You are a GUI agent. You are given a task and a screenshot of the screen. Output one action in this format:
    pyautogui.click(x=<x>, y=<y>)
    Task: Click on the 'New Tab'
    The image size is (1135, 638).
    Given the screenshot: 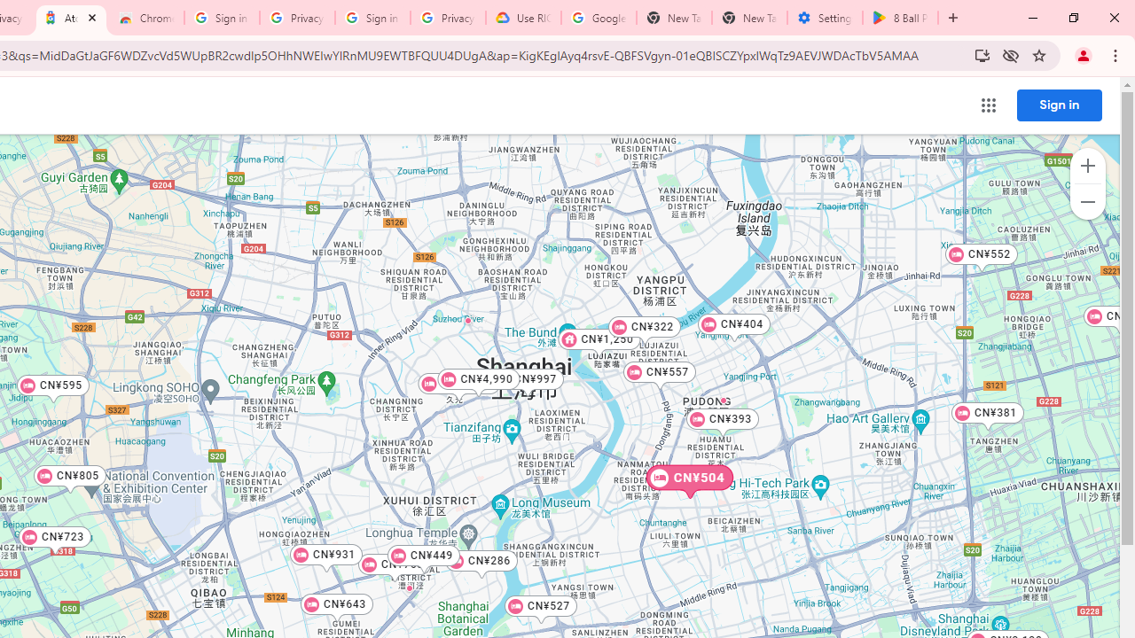 What is the action you would take?
    pyautogui.click(x=749, y=18)
    